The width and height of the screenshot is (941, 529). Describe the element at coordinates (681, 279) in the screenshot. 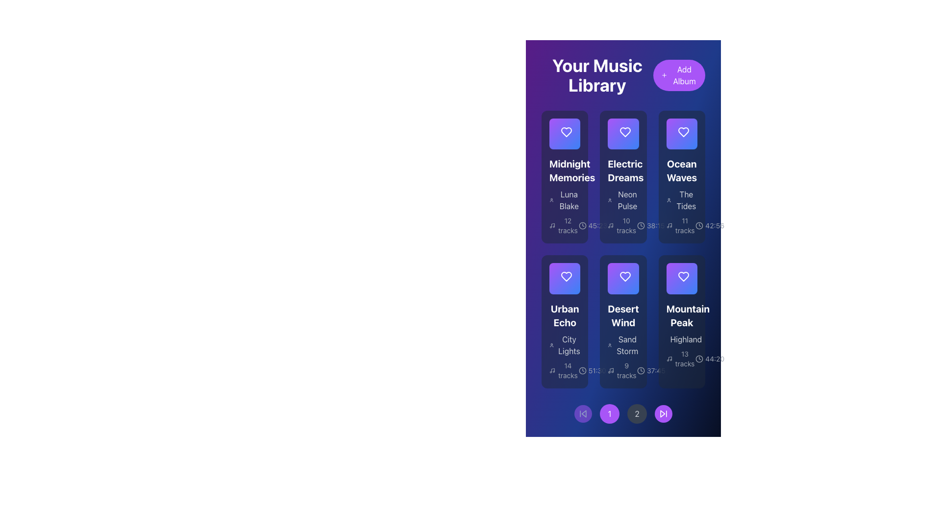

I see `the heart-shaped icon in the lower-right card representing the 'Mountain Peak' album` at that location.